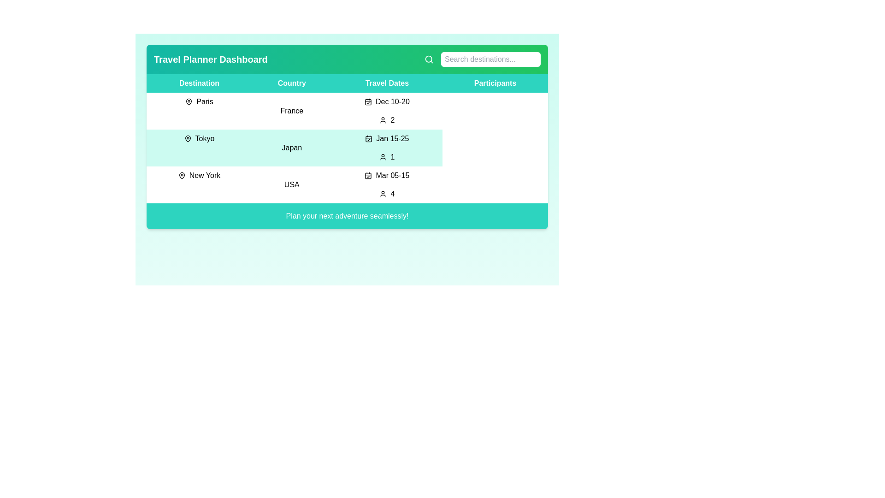  What do you see at coordinates (383, 193) in the screenshot?
I see `the small user profile icon in the 'Participants' column of the third row, which corresponds to the 'New York' travel information row` at bounding box center [383, 193].